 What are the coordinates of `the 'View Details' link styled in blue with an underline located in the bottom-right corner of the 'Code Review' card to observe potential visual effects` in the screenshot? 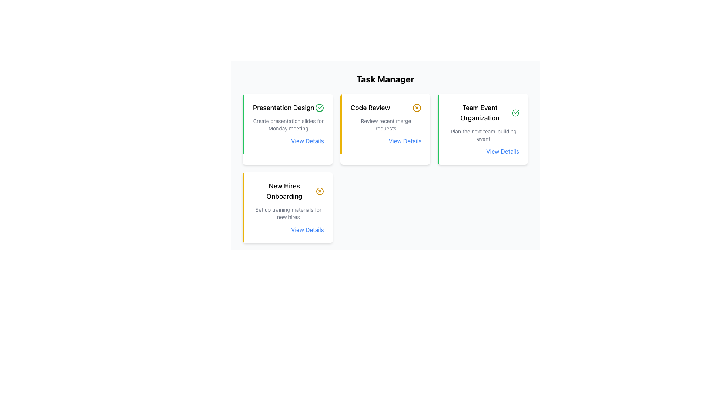 It's located at (385, 141).